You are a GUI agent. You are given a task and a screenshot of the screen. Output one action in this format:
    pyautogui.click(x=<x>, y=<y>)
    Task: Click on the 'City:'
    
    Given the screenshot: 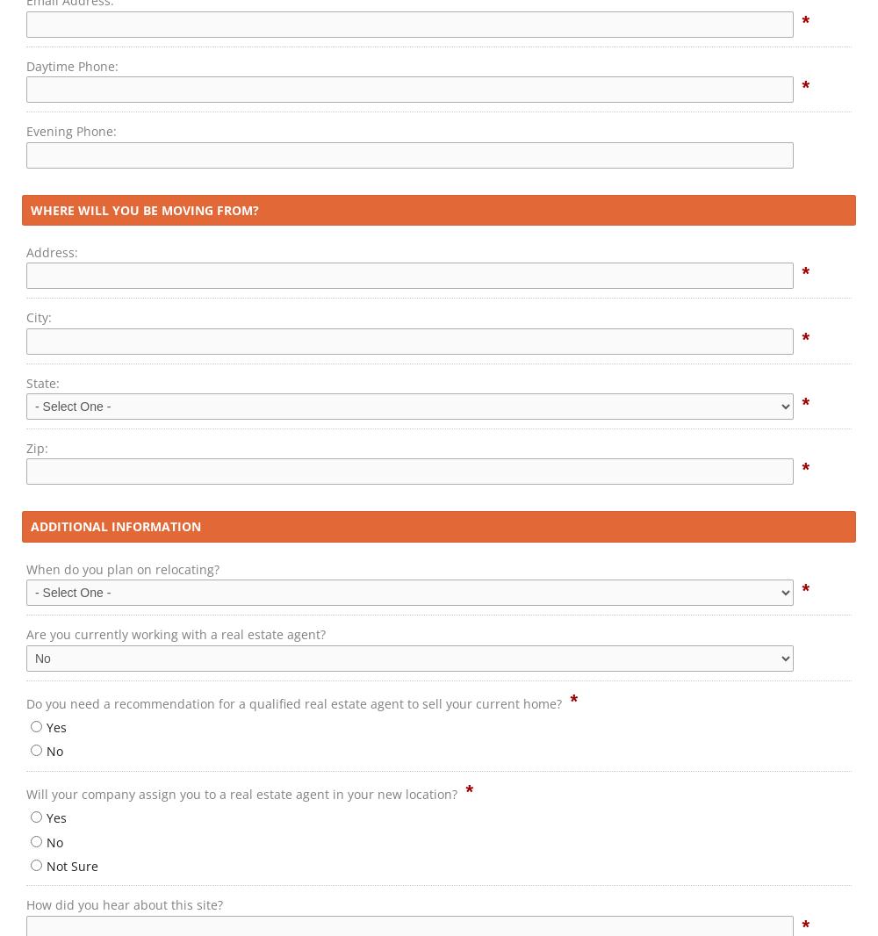 What is the action you would take?
    pyautogui.click(x=39, y=317)
    